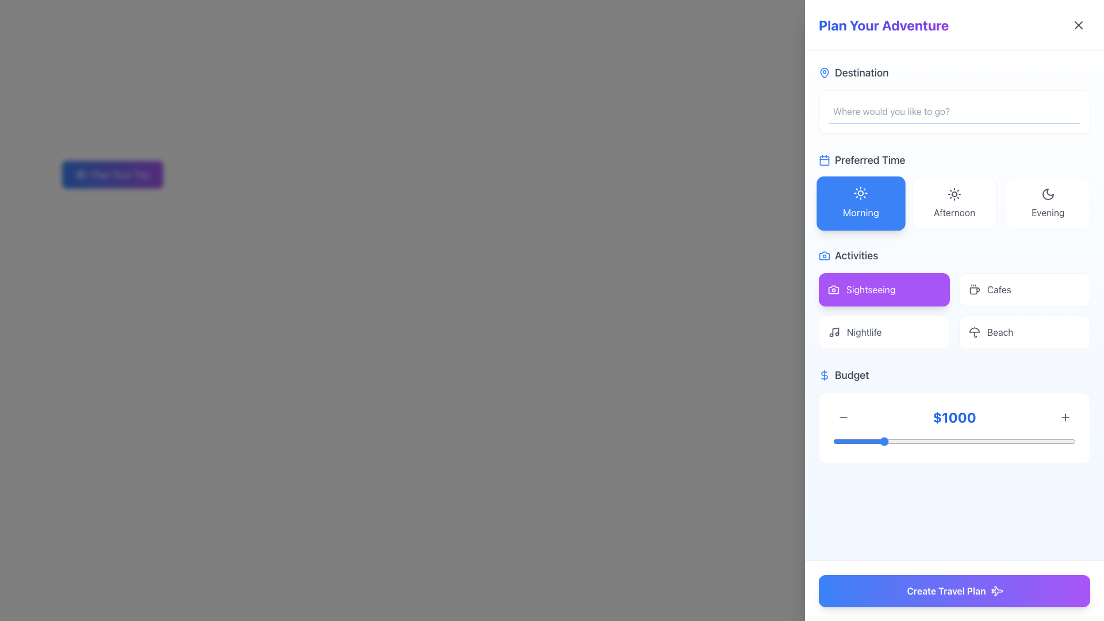 This screenshot has width=1104, height=621. What do you see at coordinates (954, 194) in the screenshot?
I see `the 'Afternoon' time preference icon located in the 'Preferred Time' section of the panel, which is visually represented to aid users in selecting their preferred time option` at bounding box center [954, 194].